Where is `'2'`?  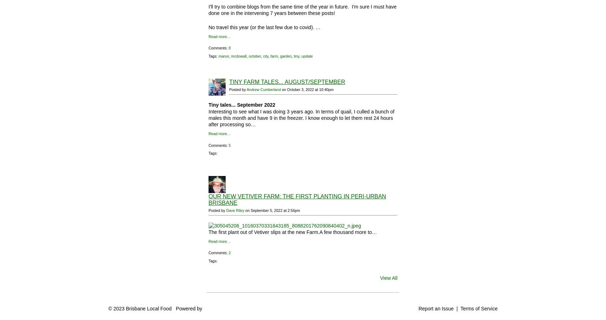
'2' is located at coordinates (229, 252).